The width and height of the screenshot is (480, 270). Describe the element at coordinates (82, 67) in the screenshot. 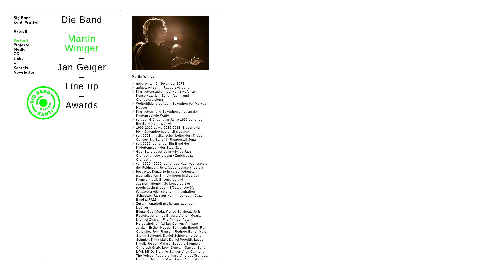

I see `'Jan Geiger'` at that location.